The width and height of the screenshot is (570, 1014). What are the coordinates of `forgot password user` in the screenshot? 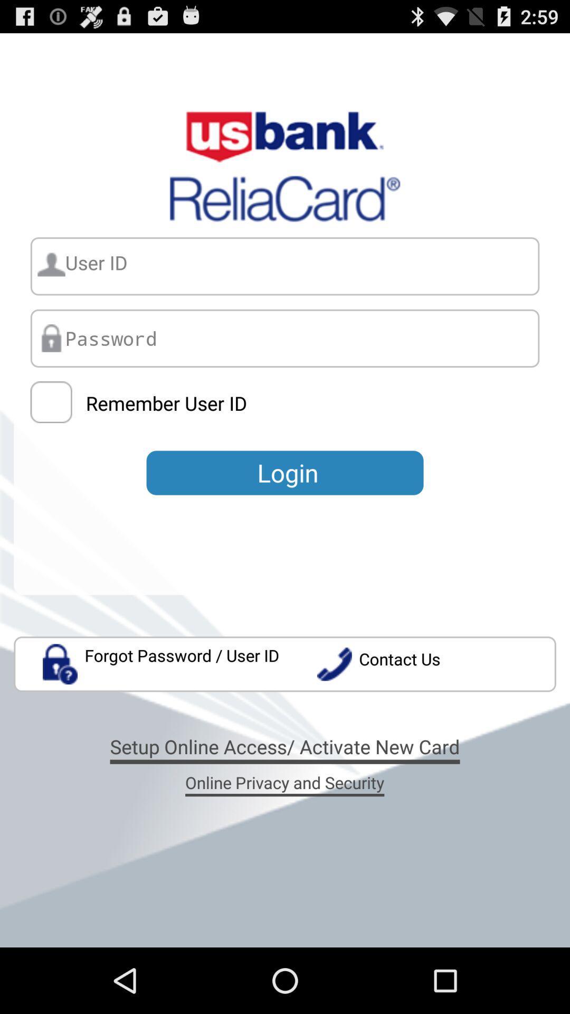 It's located at (161, 663).